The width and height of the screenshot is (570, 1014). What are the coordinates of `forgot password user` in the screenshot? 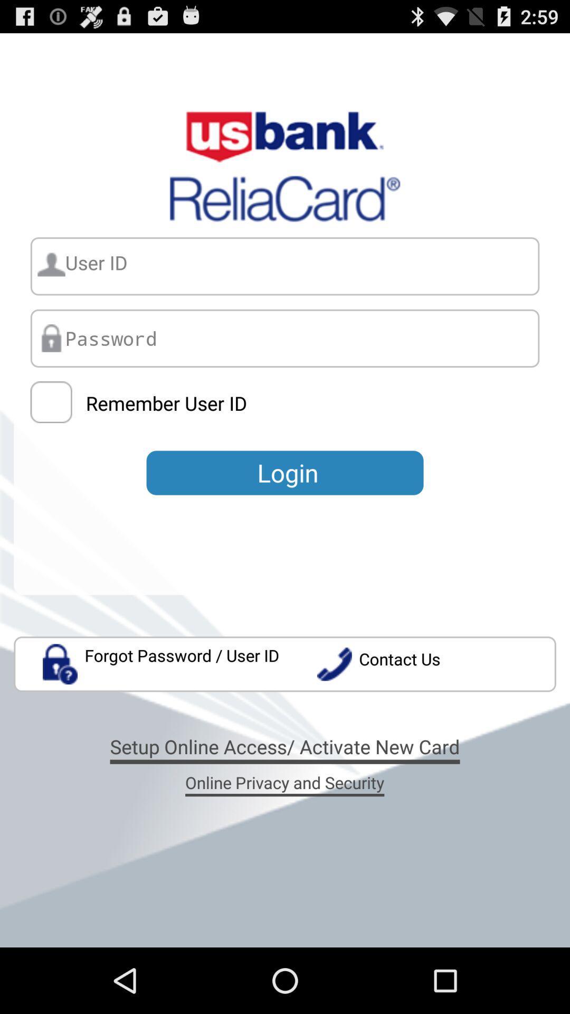 It's located at (161, 663).